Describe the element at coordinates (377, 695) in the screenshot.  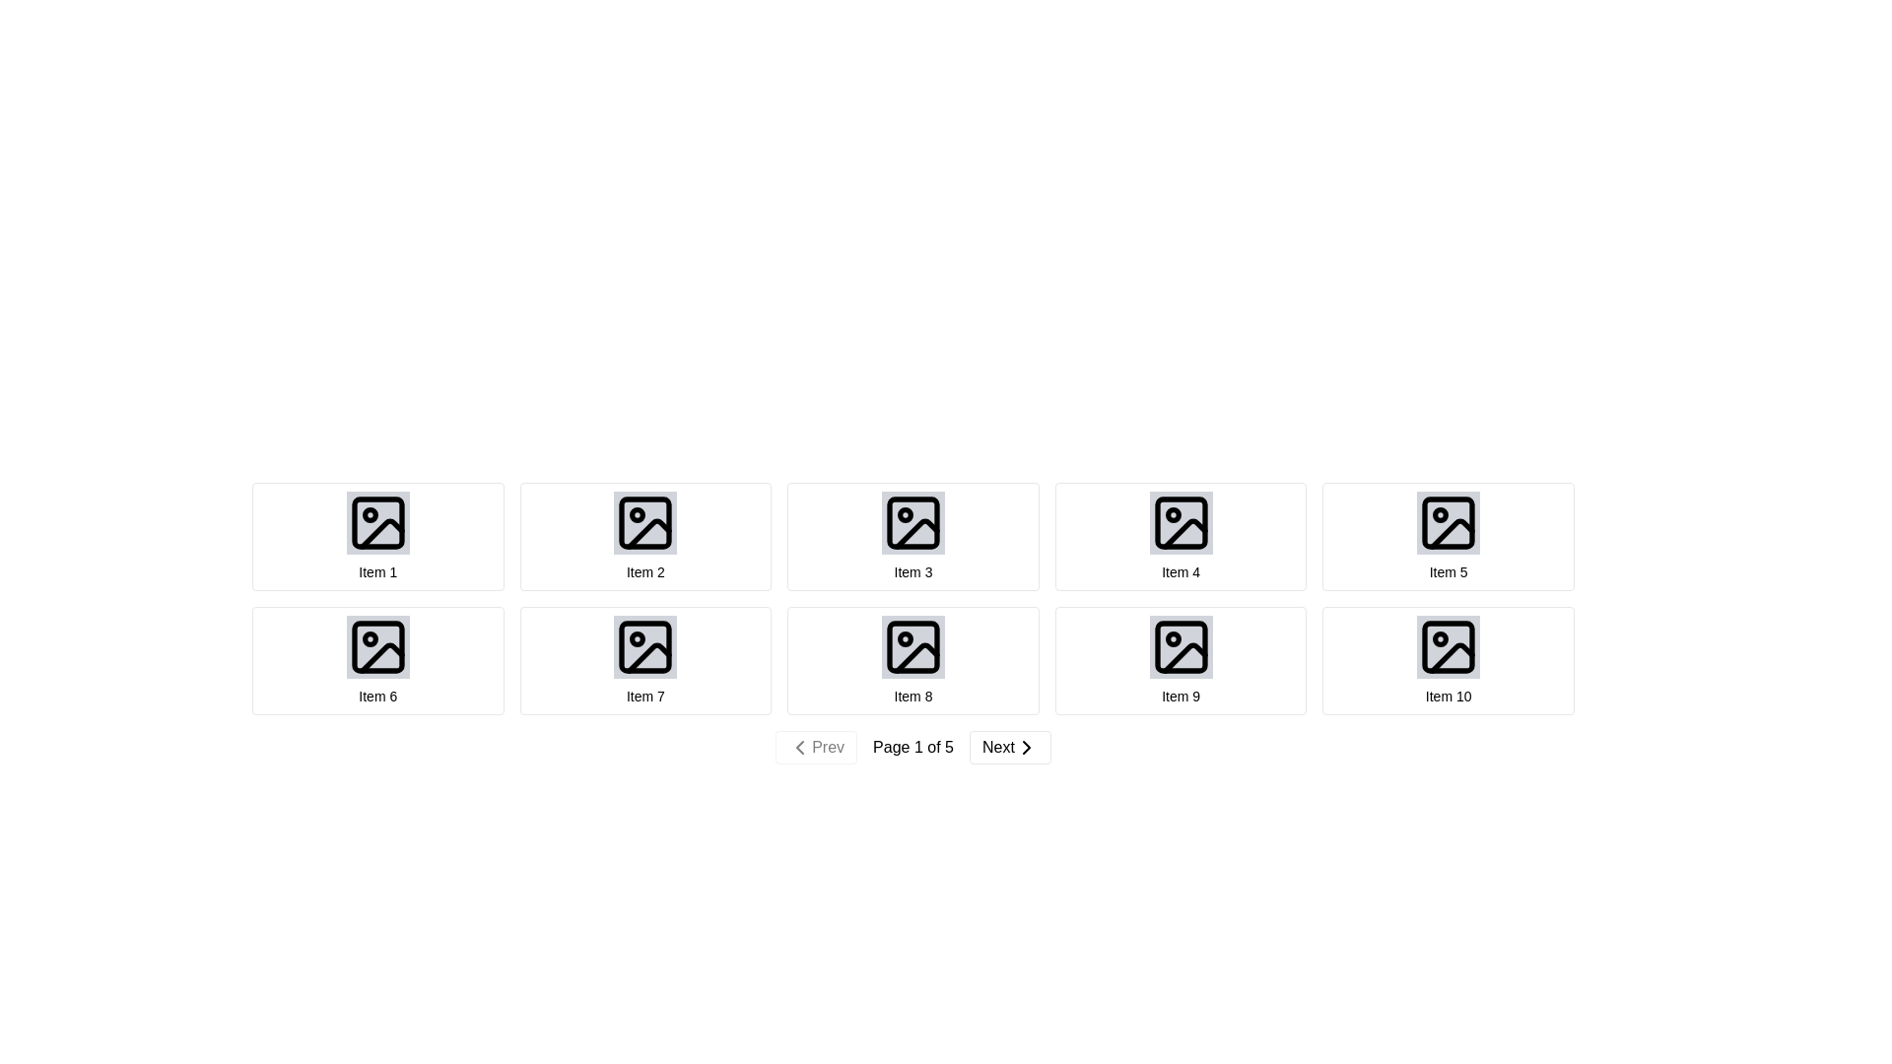
I see `the Text label located in the 'Item 6' grid cell, which provides descriptive information about the content represented by the icon above it` at that location.